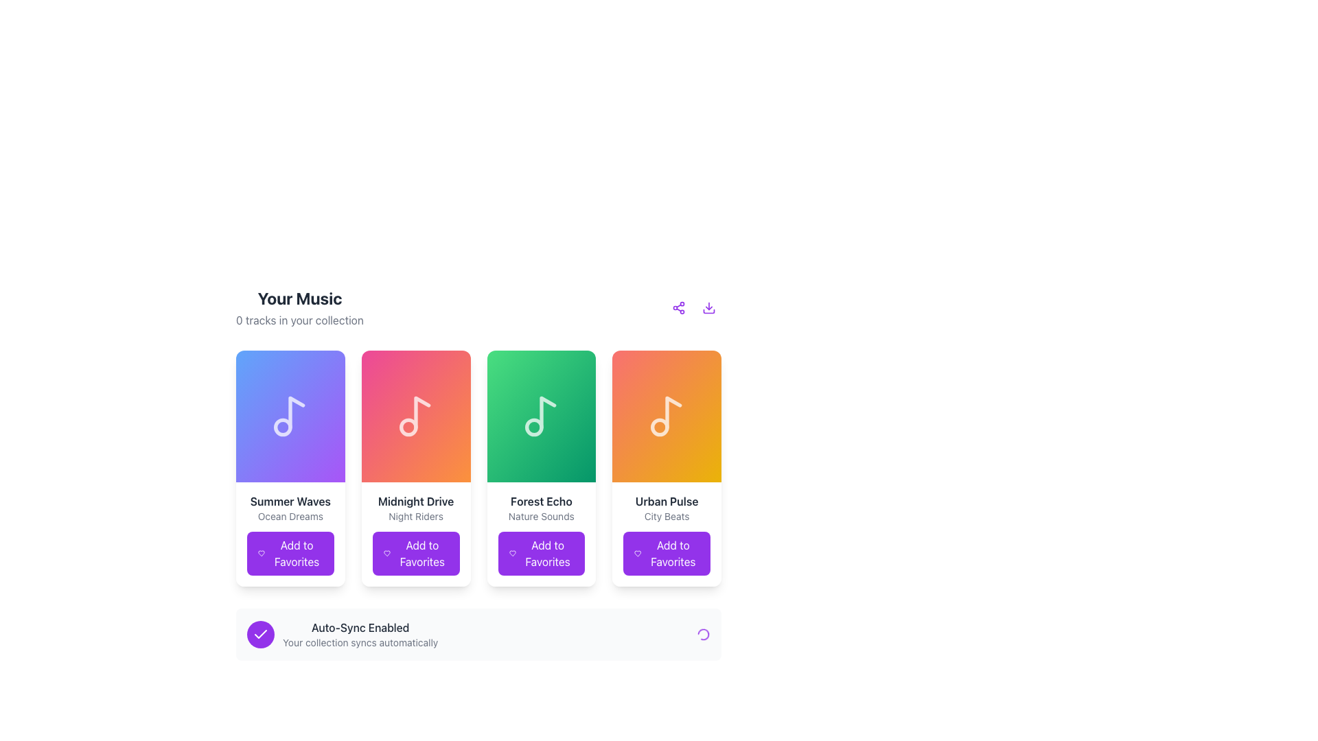 The width and height of the screenshot is (1318, 741). I want to click on the dismiss button located at the top-right corner of the 'Forest Echo' card, so click(577, 369).